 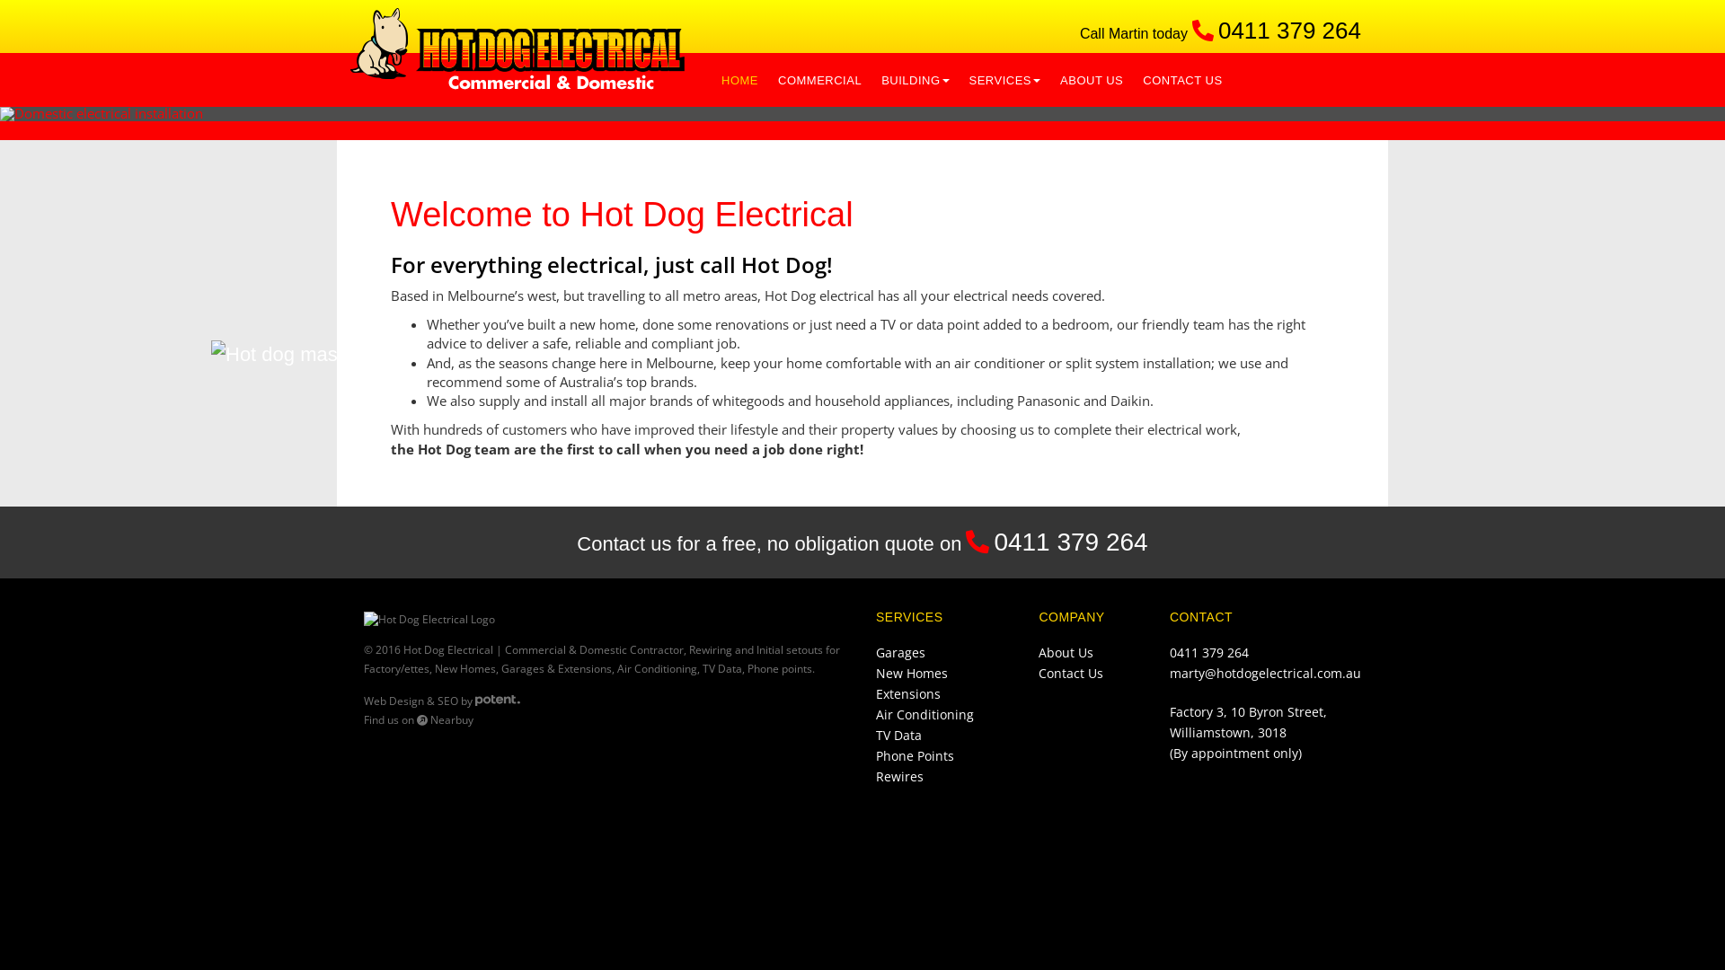 What do you see at coordinates (899, 775) in the screenshot?
I see `'Rewires'` at bounding box center [899, 775].